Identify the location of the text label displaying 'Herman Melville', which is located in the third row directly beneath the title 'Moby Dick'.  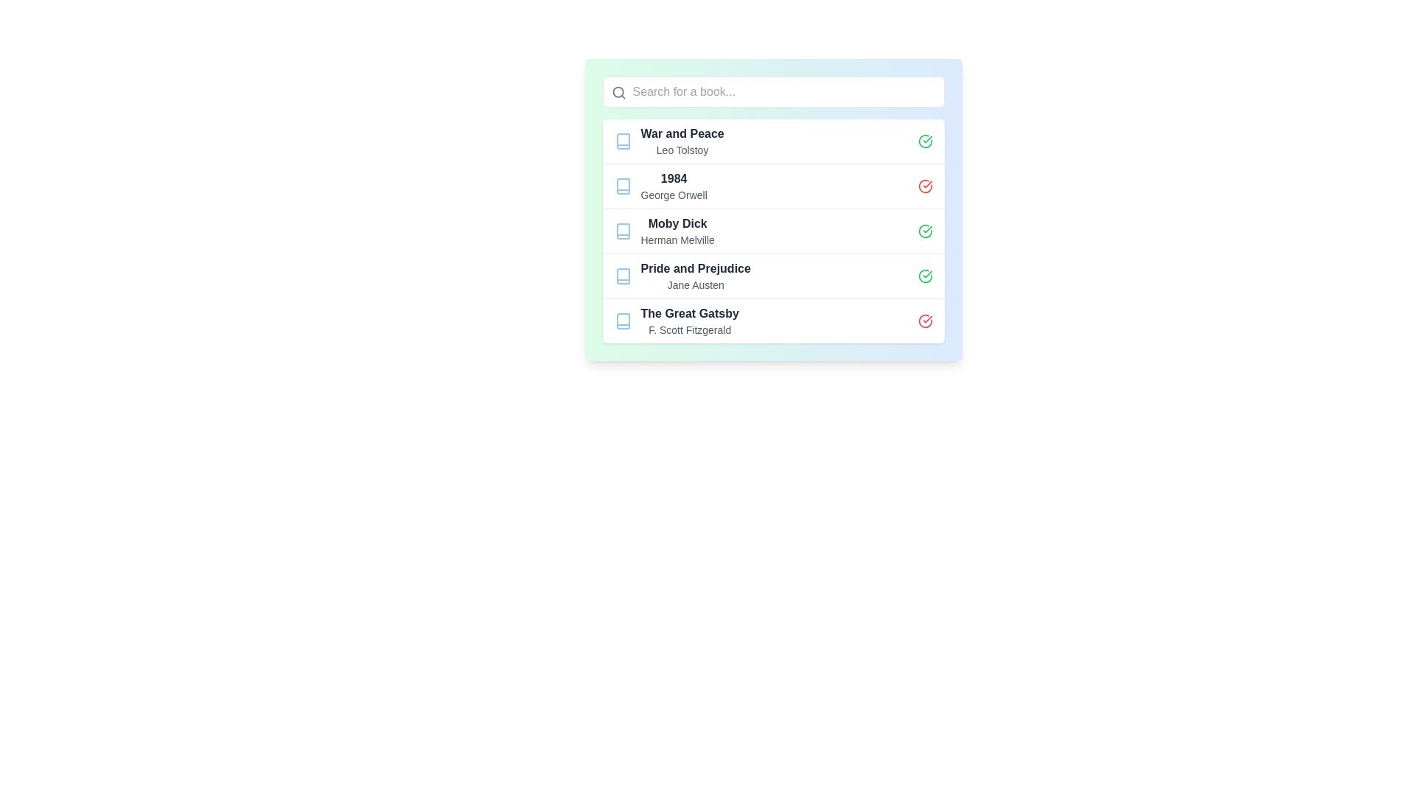
(677, 240).